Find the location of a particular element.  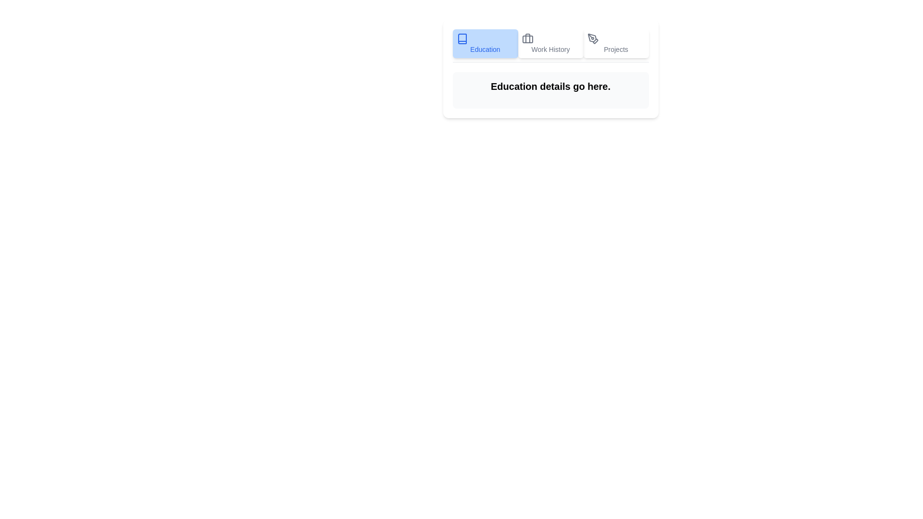

the tab Projects by clicking on its button is located at coordinates (616, 44).